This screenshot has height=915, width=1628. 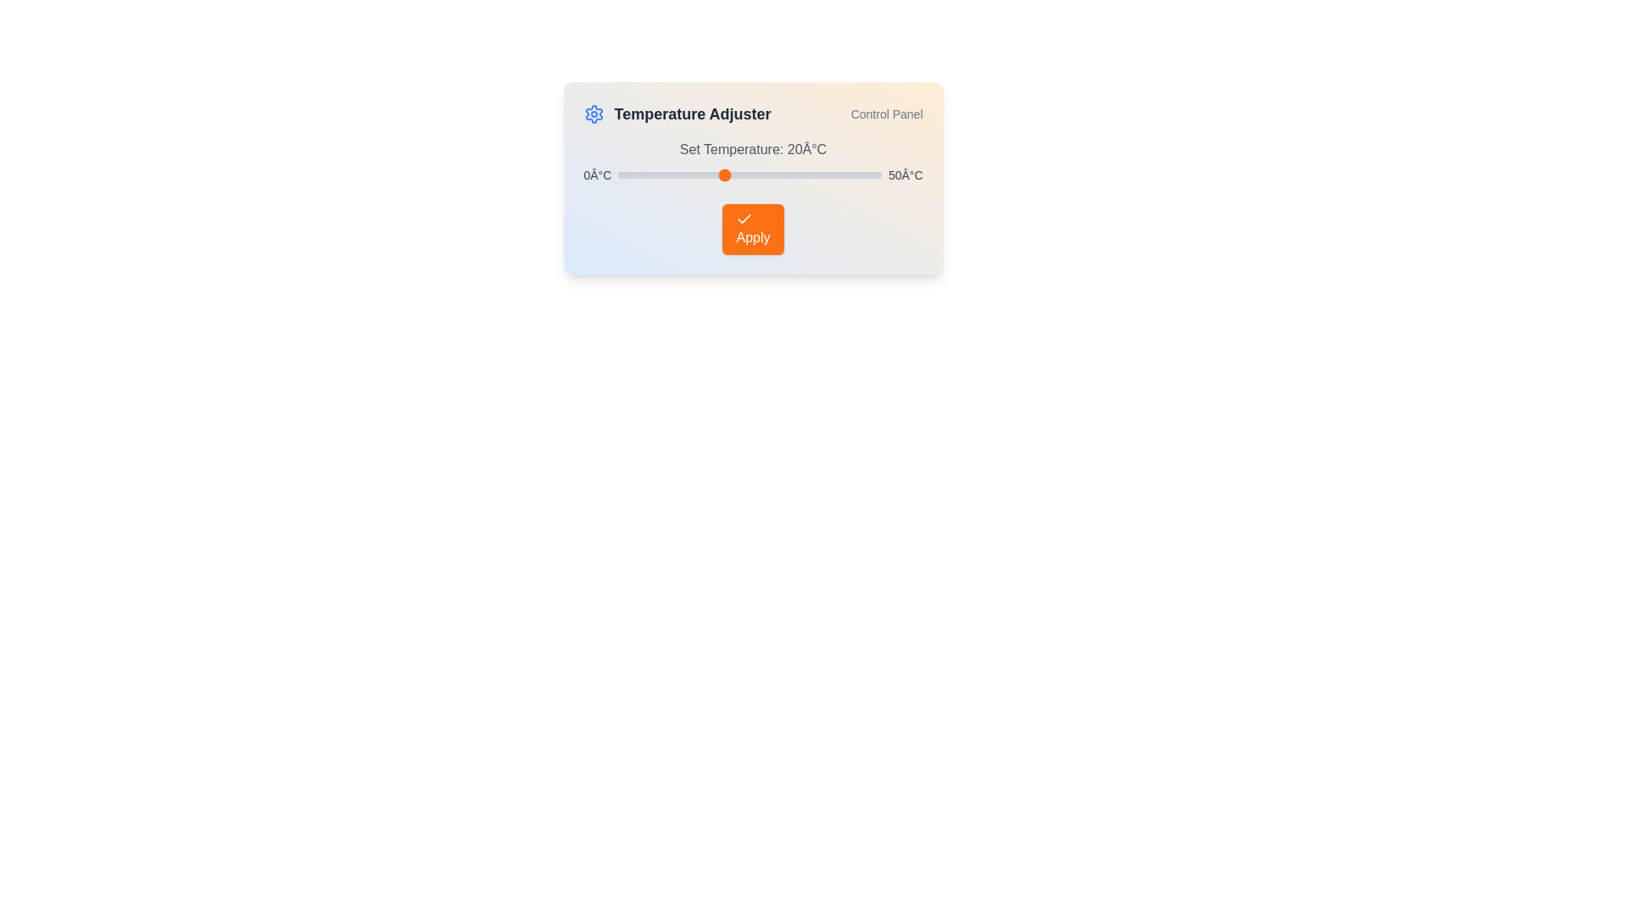 I want to click on the temperature slider to set the temperature to 0°C, so click(x=617, y=175).